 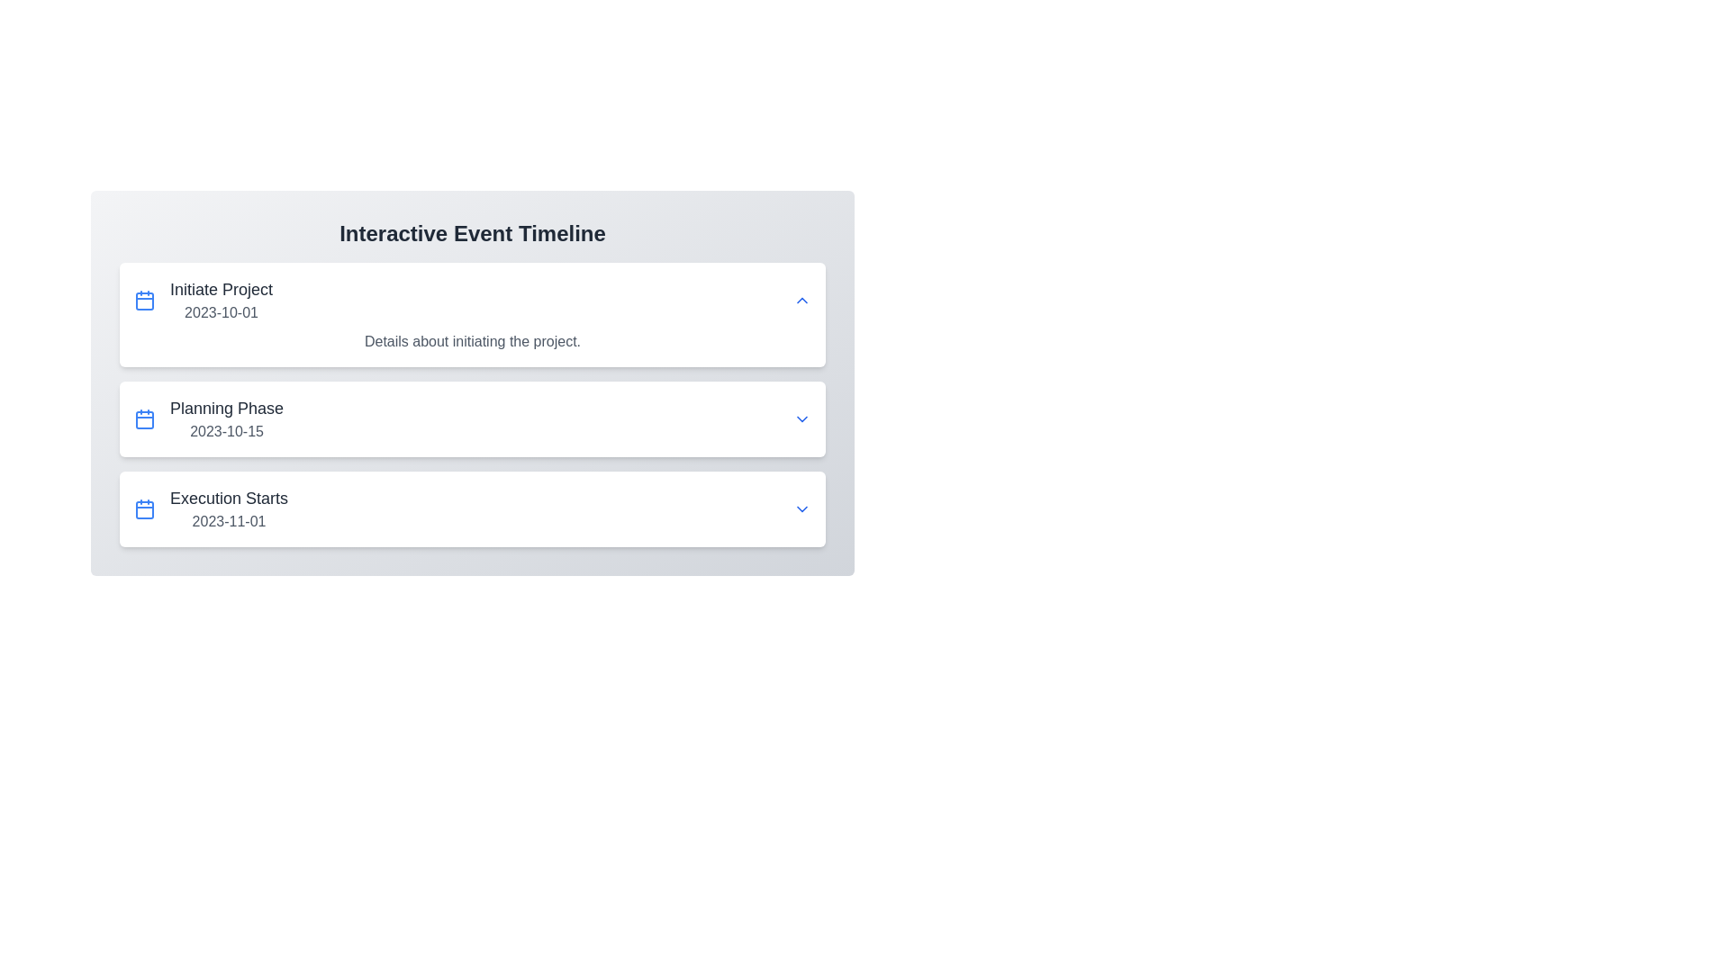 What do you see at coordinates (801, 300) in the screenshot?
I see `the blue upward-pointing chevron icon located on the far right of the 'Initiate Project 2023-10-01' section` at bounding box center [801, 300].